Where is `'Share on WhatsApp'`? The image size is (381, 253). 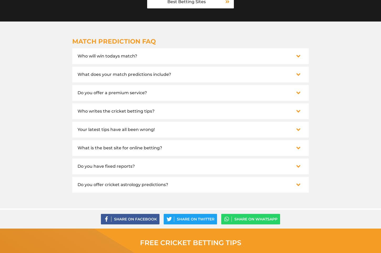
'Share on WhatsApp' is located at coordinates (256, 218).